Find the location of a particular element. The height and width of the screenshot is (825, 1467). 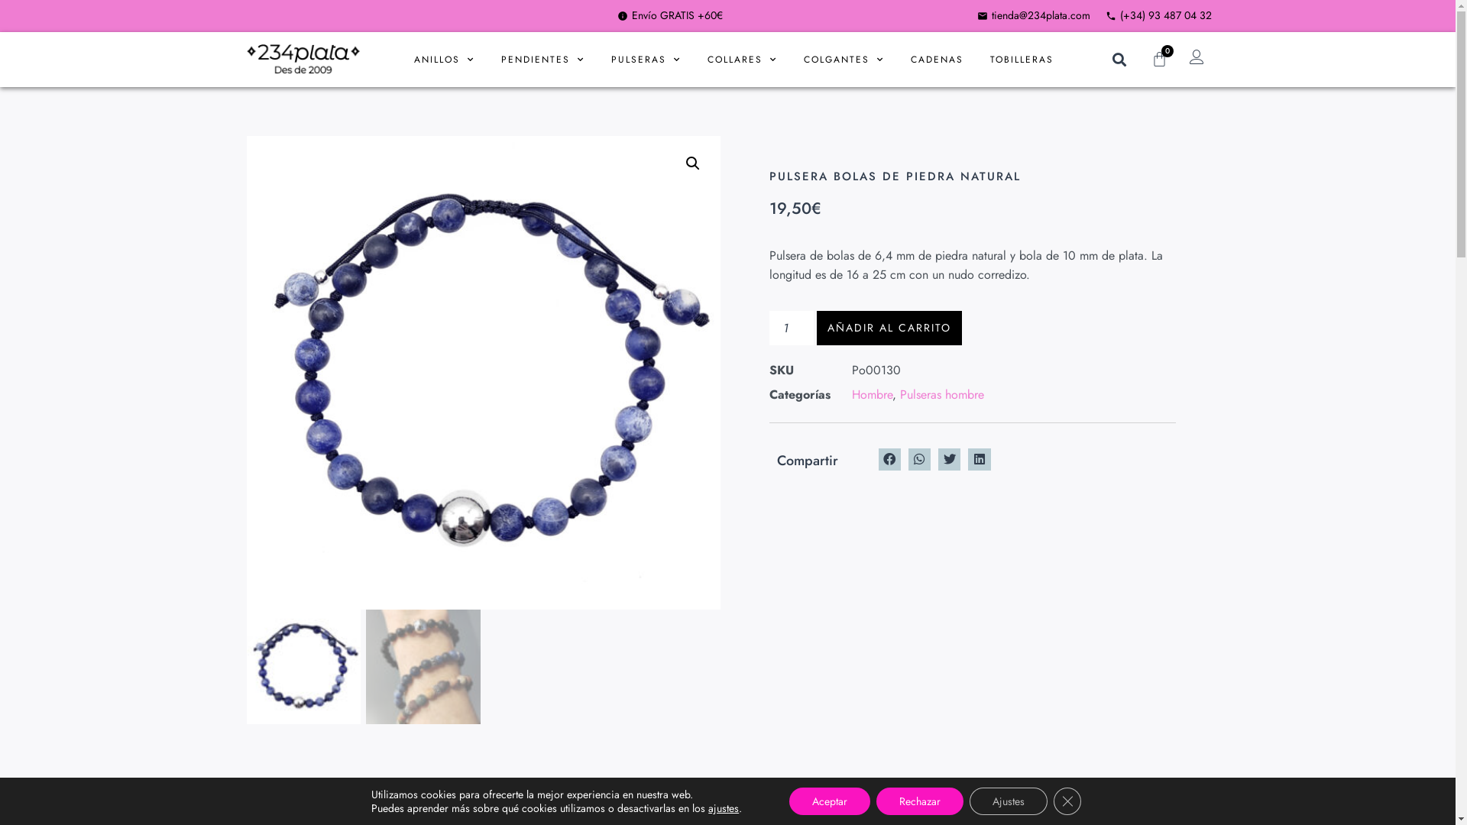

'0' is located at coordinates (1159, 58).